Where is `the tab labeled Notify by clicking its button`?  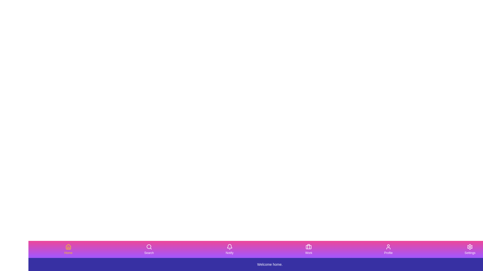
the tab labeled Notify by clicking its button is located at coordinates (229, 249).